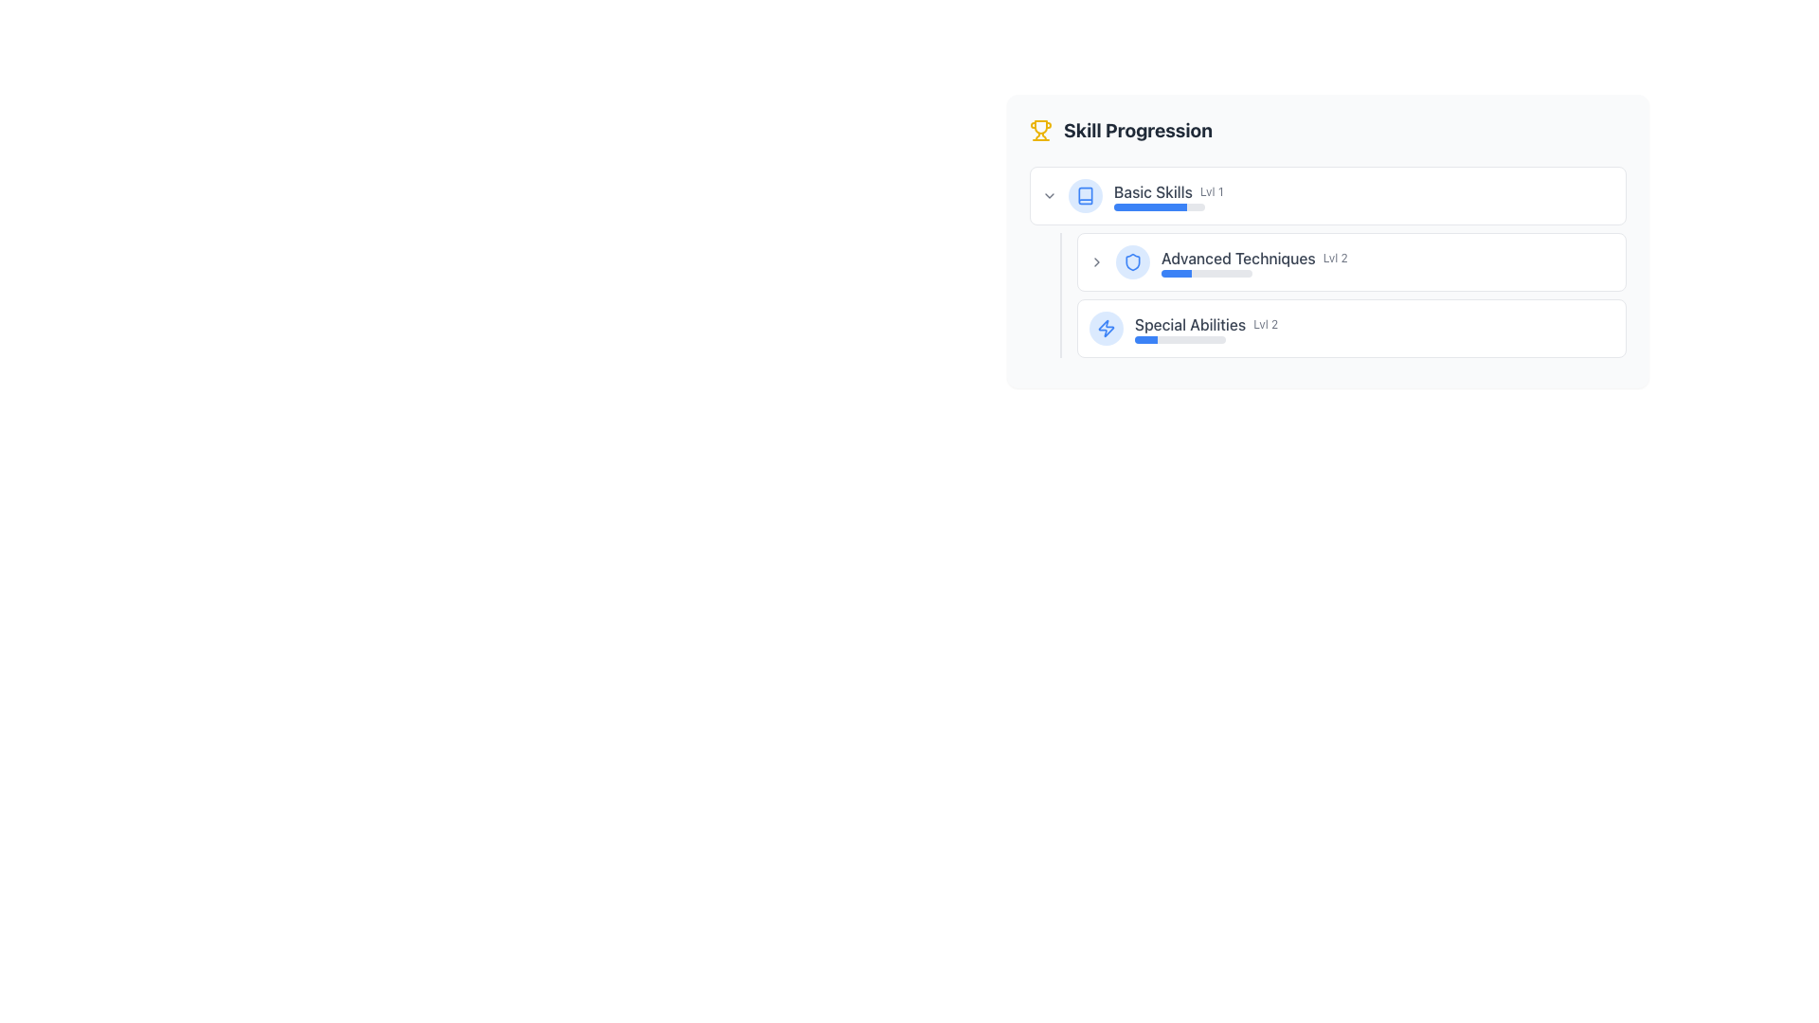  Describe the element at coordinates (1350, 328) in the screenshot. I see `the 'Special Abilities' skill progression item, which is the third item in the list` at that location.